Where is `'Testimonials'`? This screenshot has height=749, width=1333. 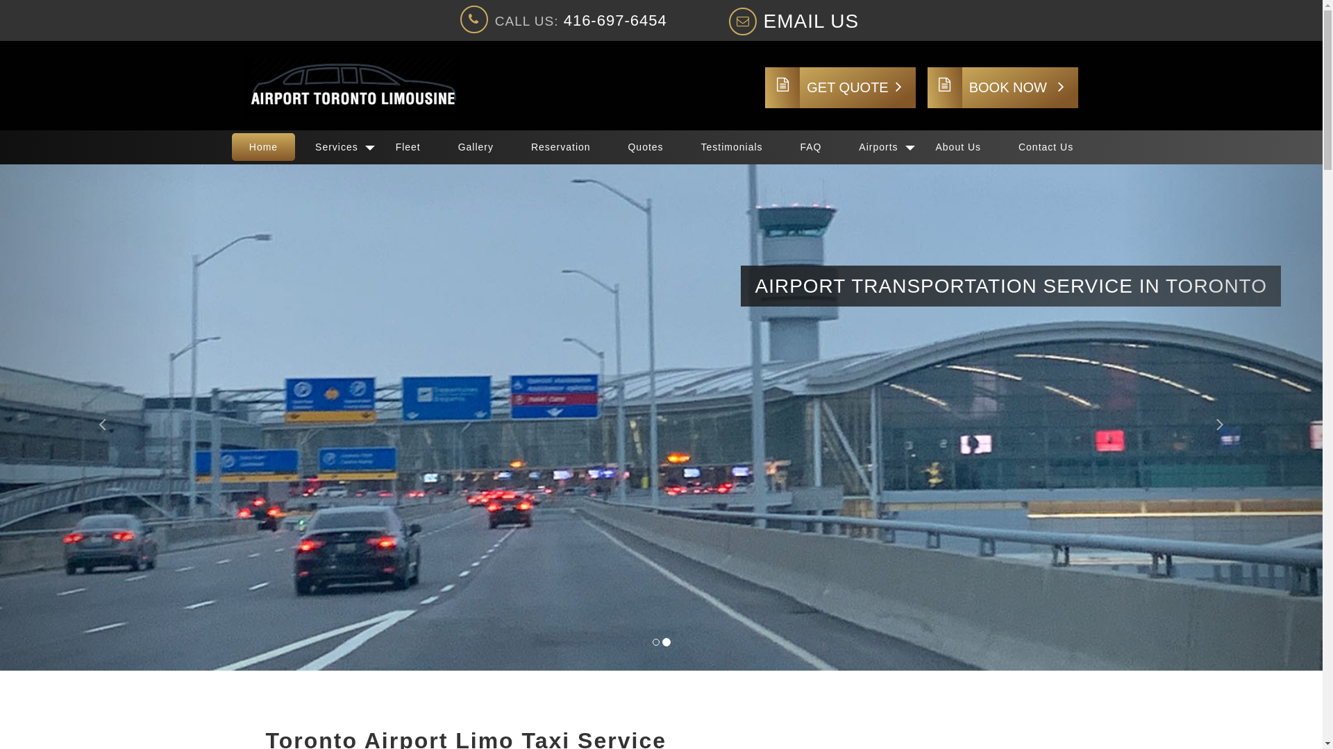
'Testimonials' is located at coordinates (731, 147).